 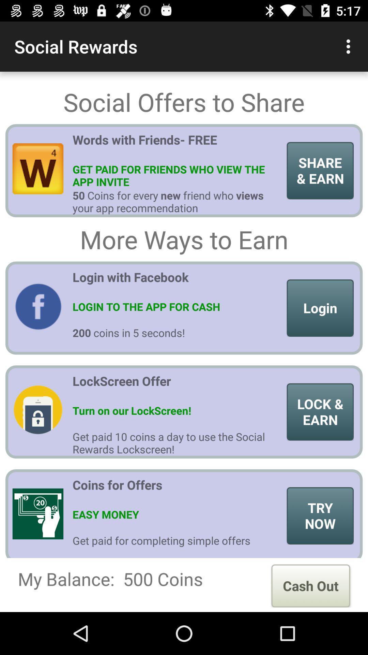 What do you see at coordinates (320, 516) in the screenshot?
I see `try now` at bounding box center [320, 516].